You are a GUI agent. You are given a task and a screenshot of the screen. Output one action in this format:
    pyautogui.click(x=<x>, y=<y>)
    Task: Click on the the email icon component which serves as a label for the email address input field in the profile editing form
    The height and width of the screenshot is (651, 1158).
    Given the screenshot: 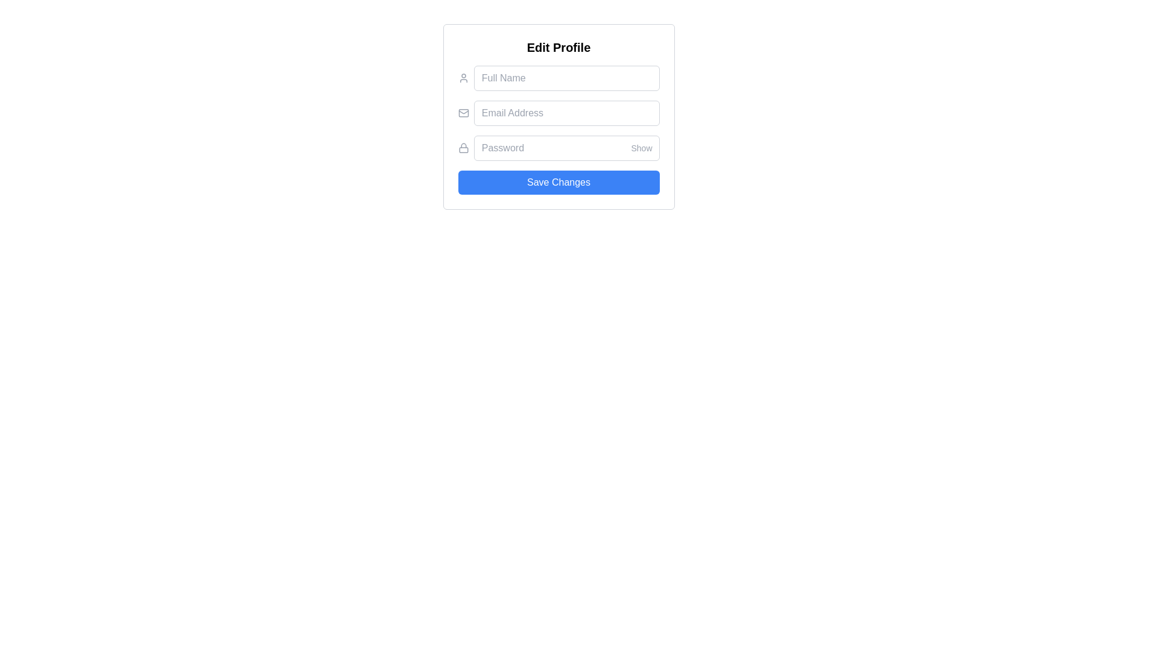 What is the action you would take?
    pyautogui.click(x=463, y=113)
    